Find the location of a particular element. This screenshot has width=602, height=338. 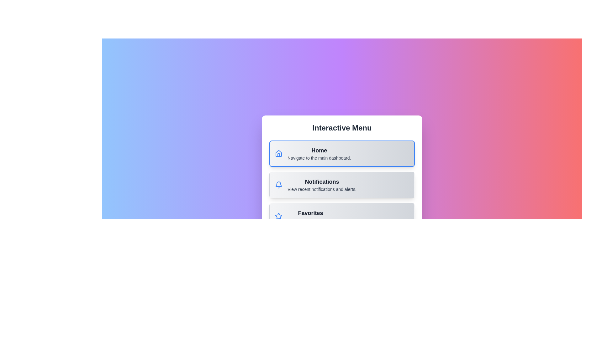

the menu option Favorites is located at coordinates (341, 216).